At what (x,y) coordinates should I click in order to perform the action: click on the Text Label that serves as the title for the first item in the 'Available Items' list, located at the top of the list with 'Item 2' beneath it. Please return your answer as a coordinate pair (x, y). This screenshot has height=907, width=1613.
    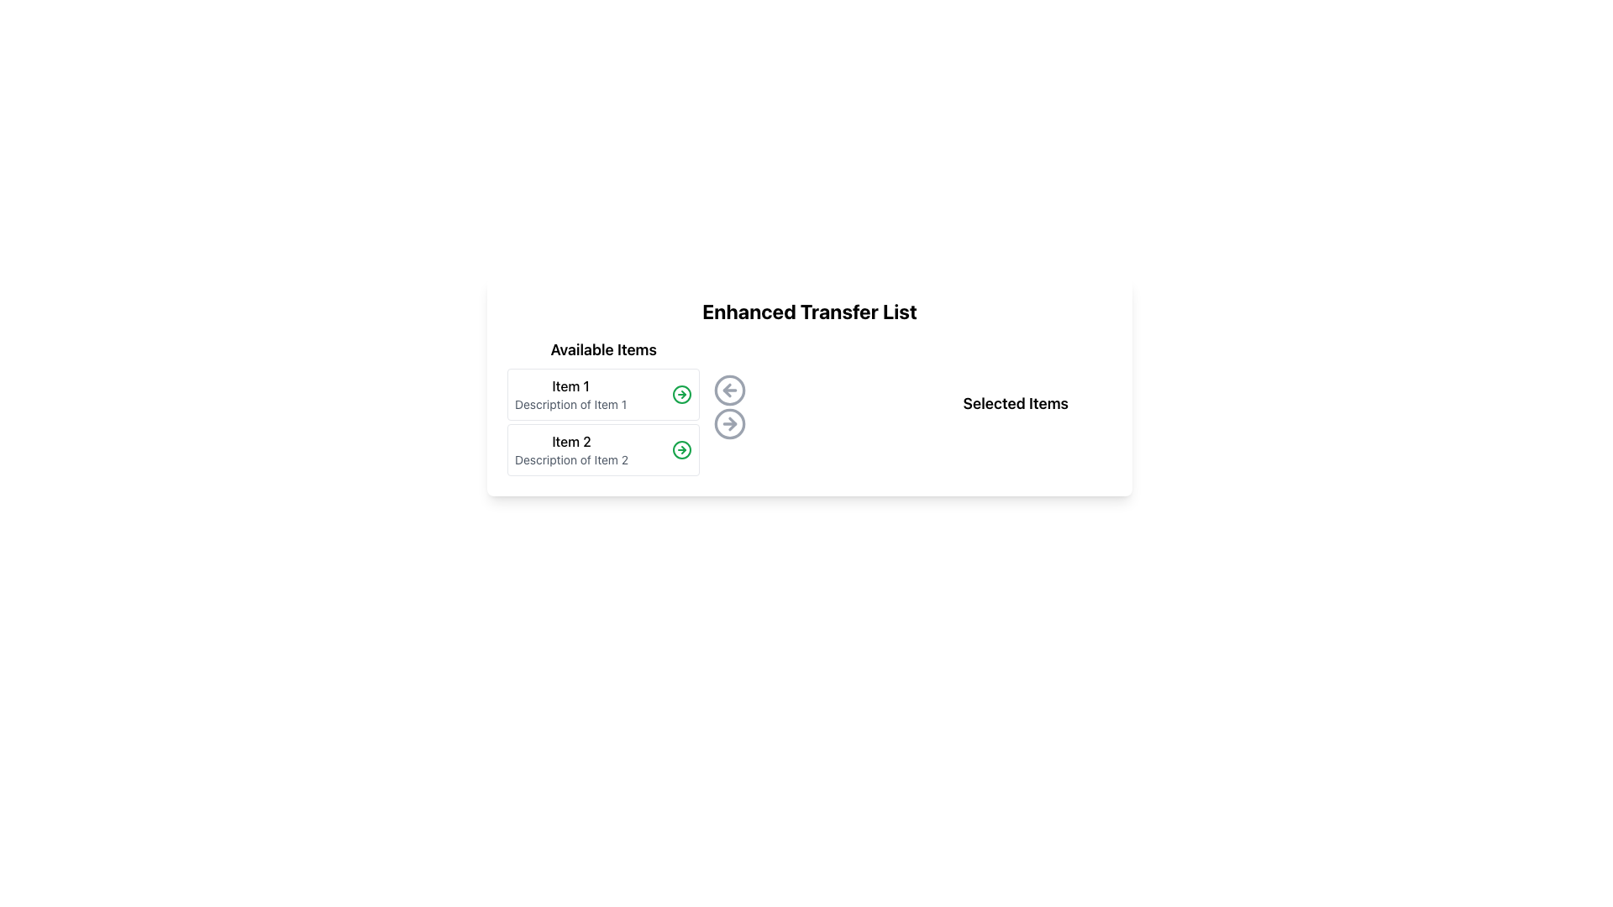
    Looking at the image, I should click on (570, 385).